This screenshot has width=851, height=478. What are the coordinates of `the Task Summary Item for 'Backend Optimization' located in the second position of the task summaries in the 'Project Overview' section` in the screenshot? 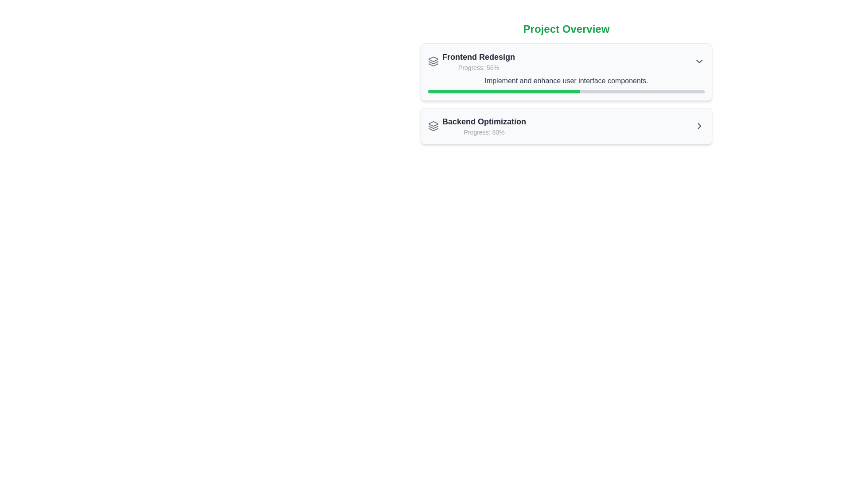 It's located at (566, 126).